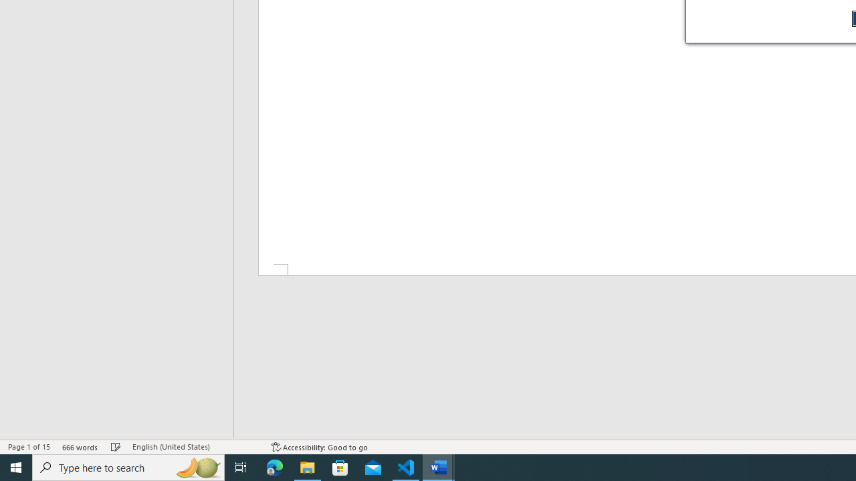  Describe the element at coordinates (197, 466) in the screenshot. I see `'Search highlights icon opens search home window'` at that location.